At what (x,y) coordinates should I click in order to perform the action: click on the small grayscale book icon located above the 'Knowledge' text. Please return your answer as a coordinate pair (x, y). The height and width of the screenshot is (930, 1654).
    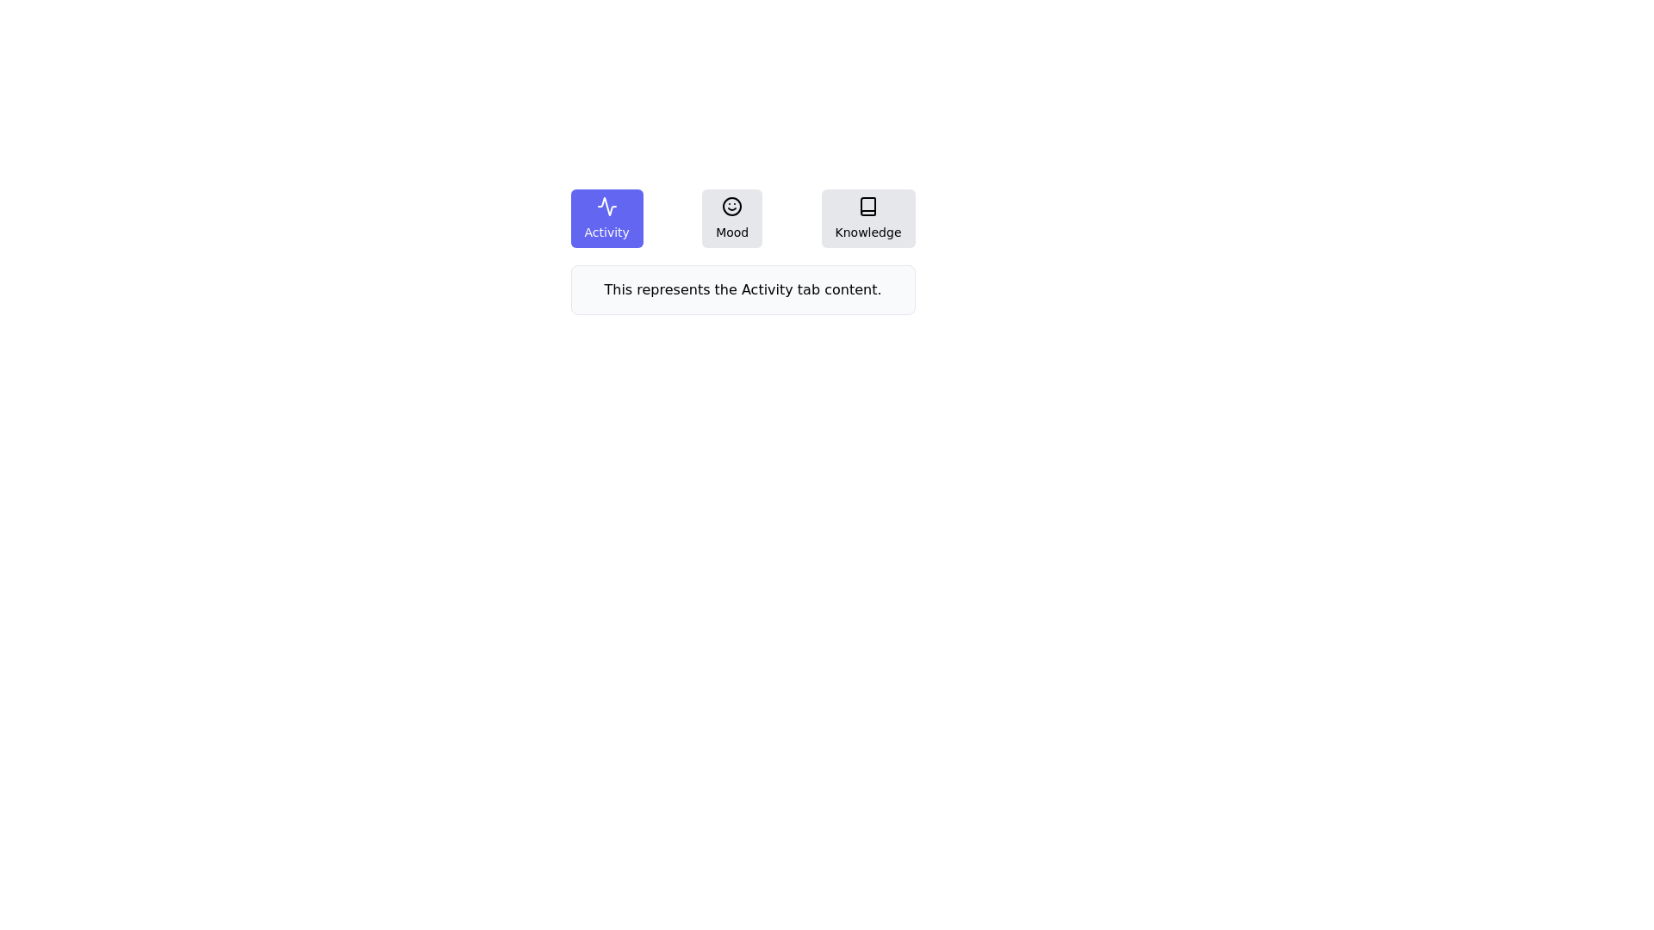
    Looking at the image, I should click on (868, 205).